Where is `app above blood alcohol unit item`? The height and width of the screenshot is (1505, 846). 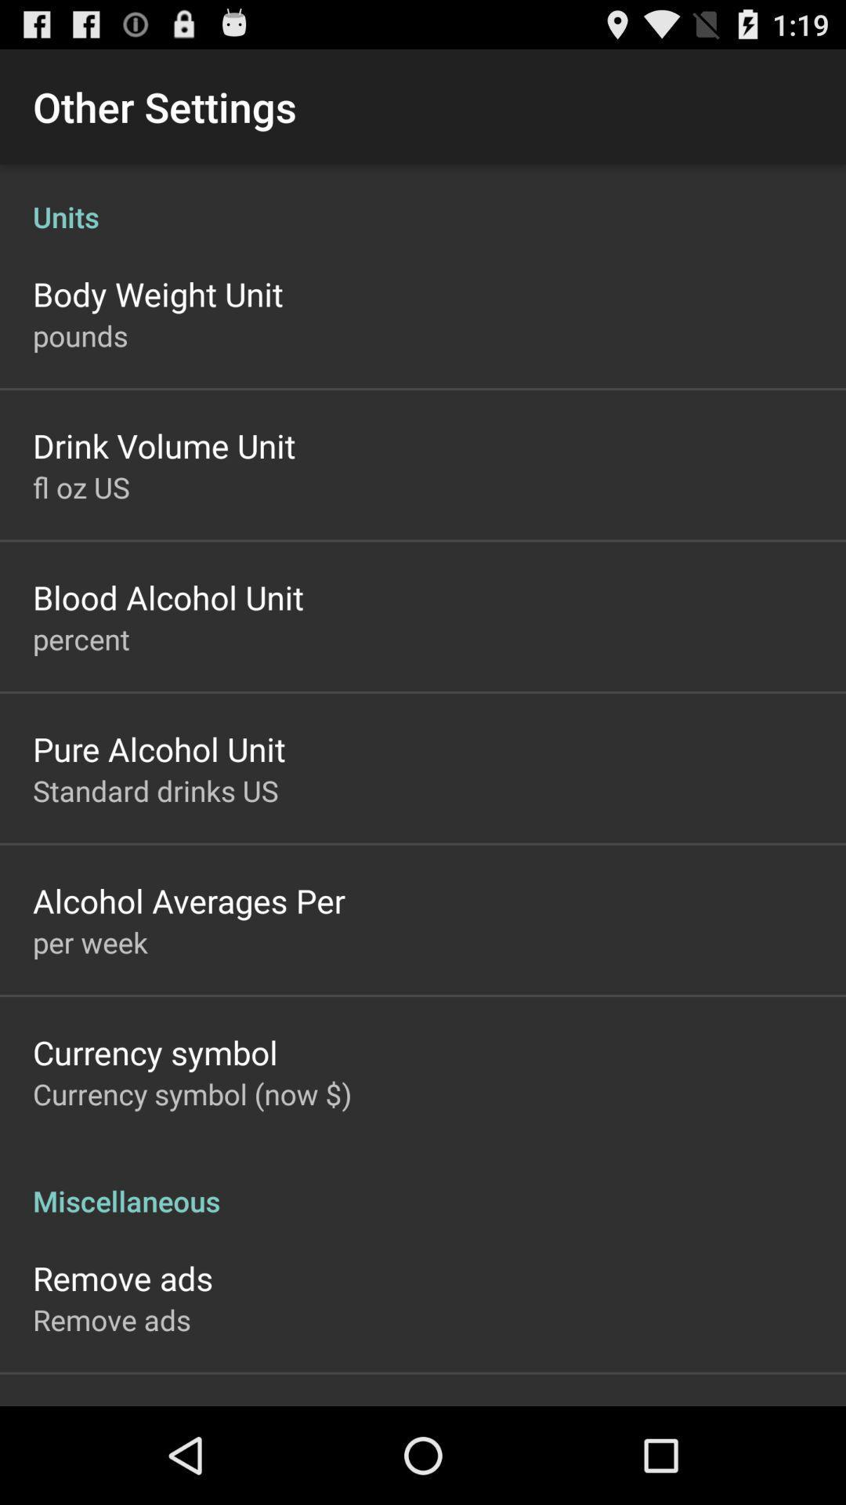 app above blood alcohol unit item is located at coordinates (81, 486).